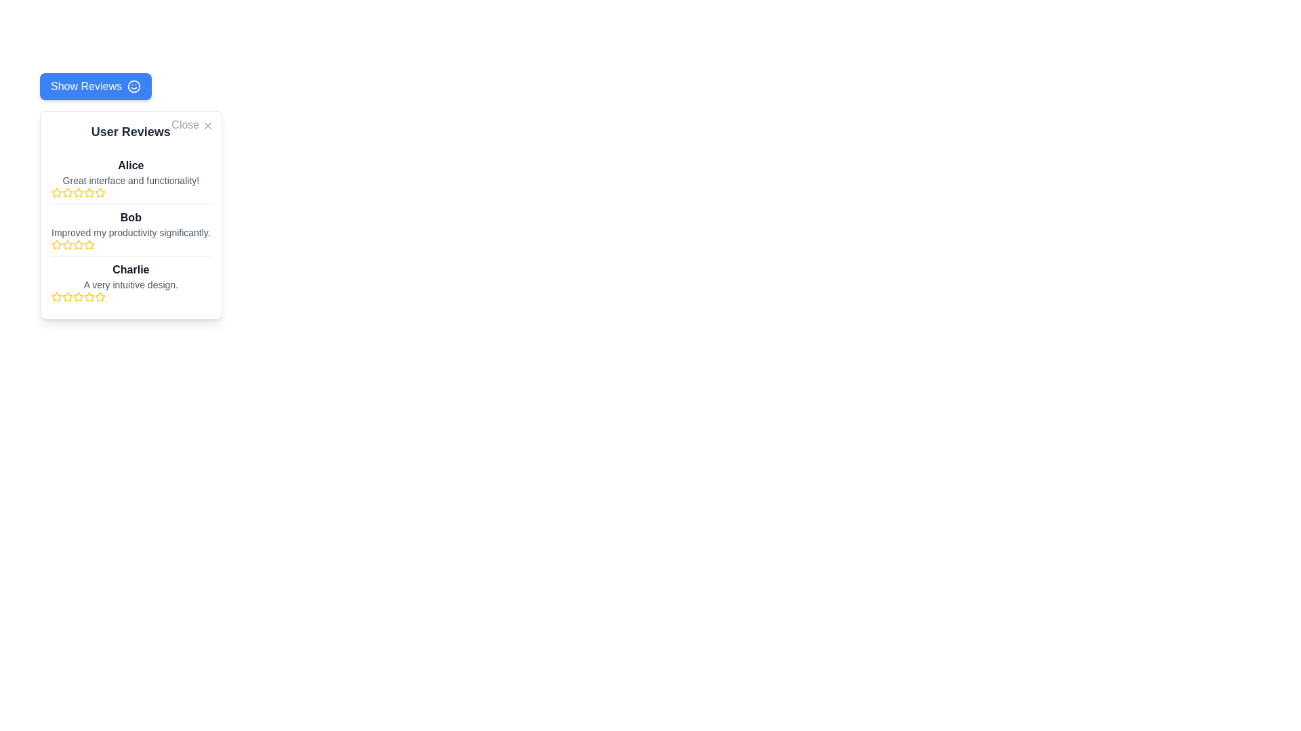  What do you see at coordinates (133, 86) in the screenshot?
I see `the circular graphic within the 'Show Reviews' button, which features a smiling face icon, to enhance user recognition of its function` at bounding box center [133, 86].